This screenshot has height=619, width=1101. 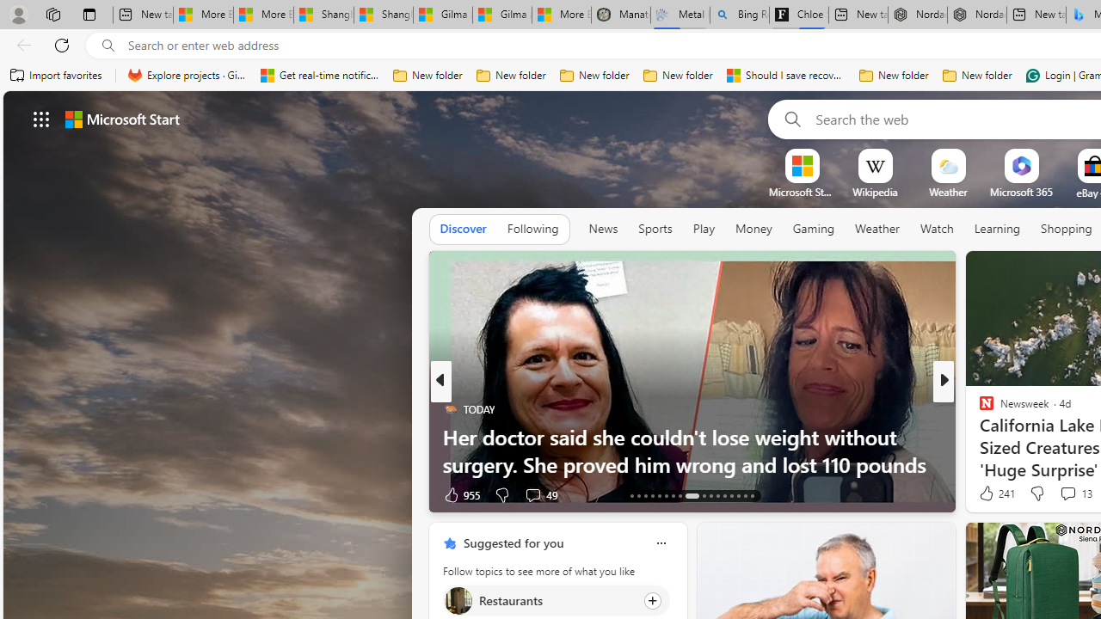 What do you see at coordinates (995, 493) in the screenshot?
I see `'241 Like'` at bounding box center [995, 493].